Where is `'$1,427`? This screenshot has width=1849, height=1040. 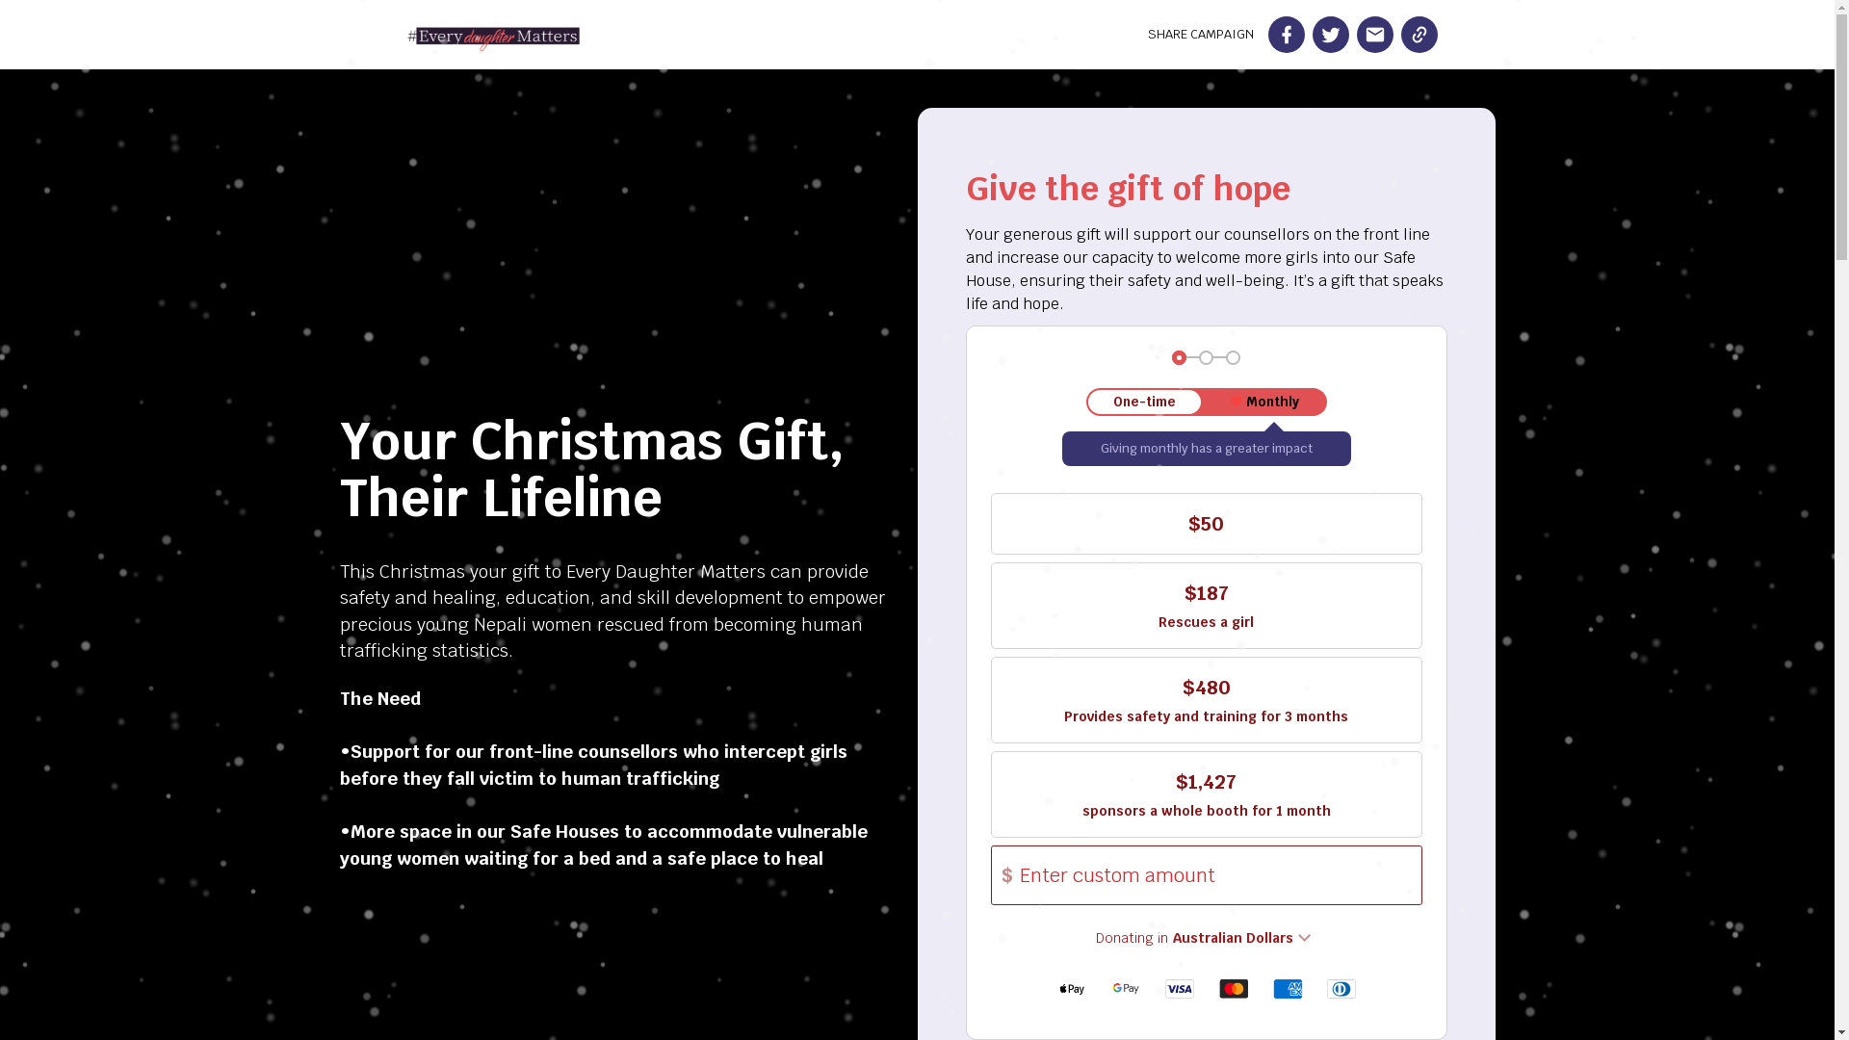 '$1,427 is located at coordinates (1205, 794).